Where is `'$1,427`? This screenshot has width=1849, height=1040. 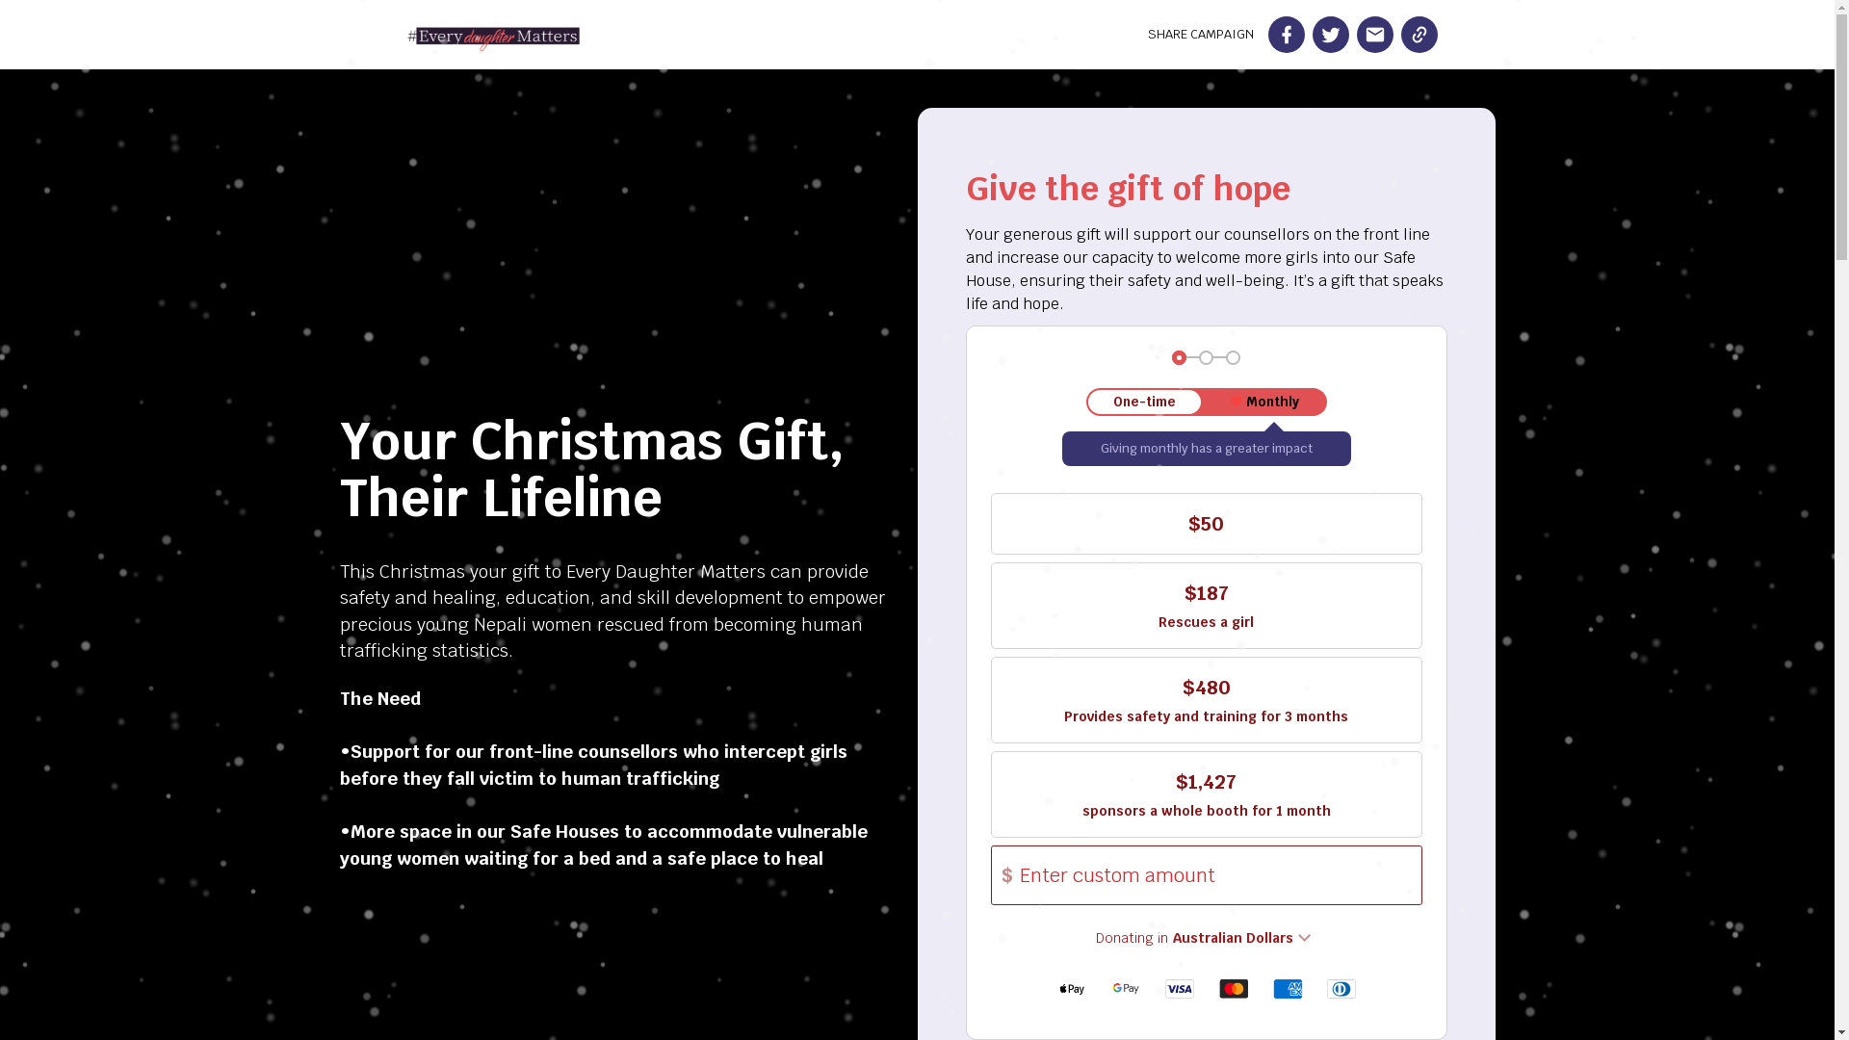 '$1,427 is located at coordinates (1205, 794).